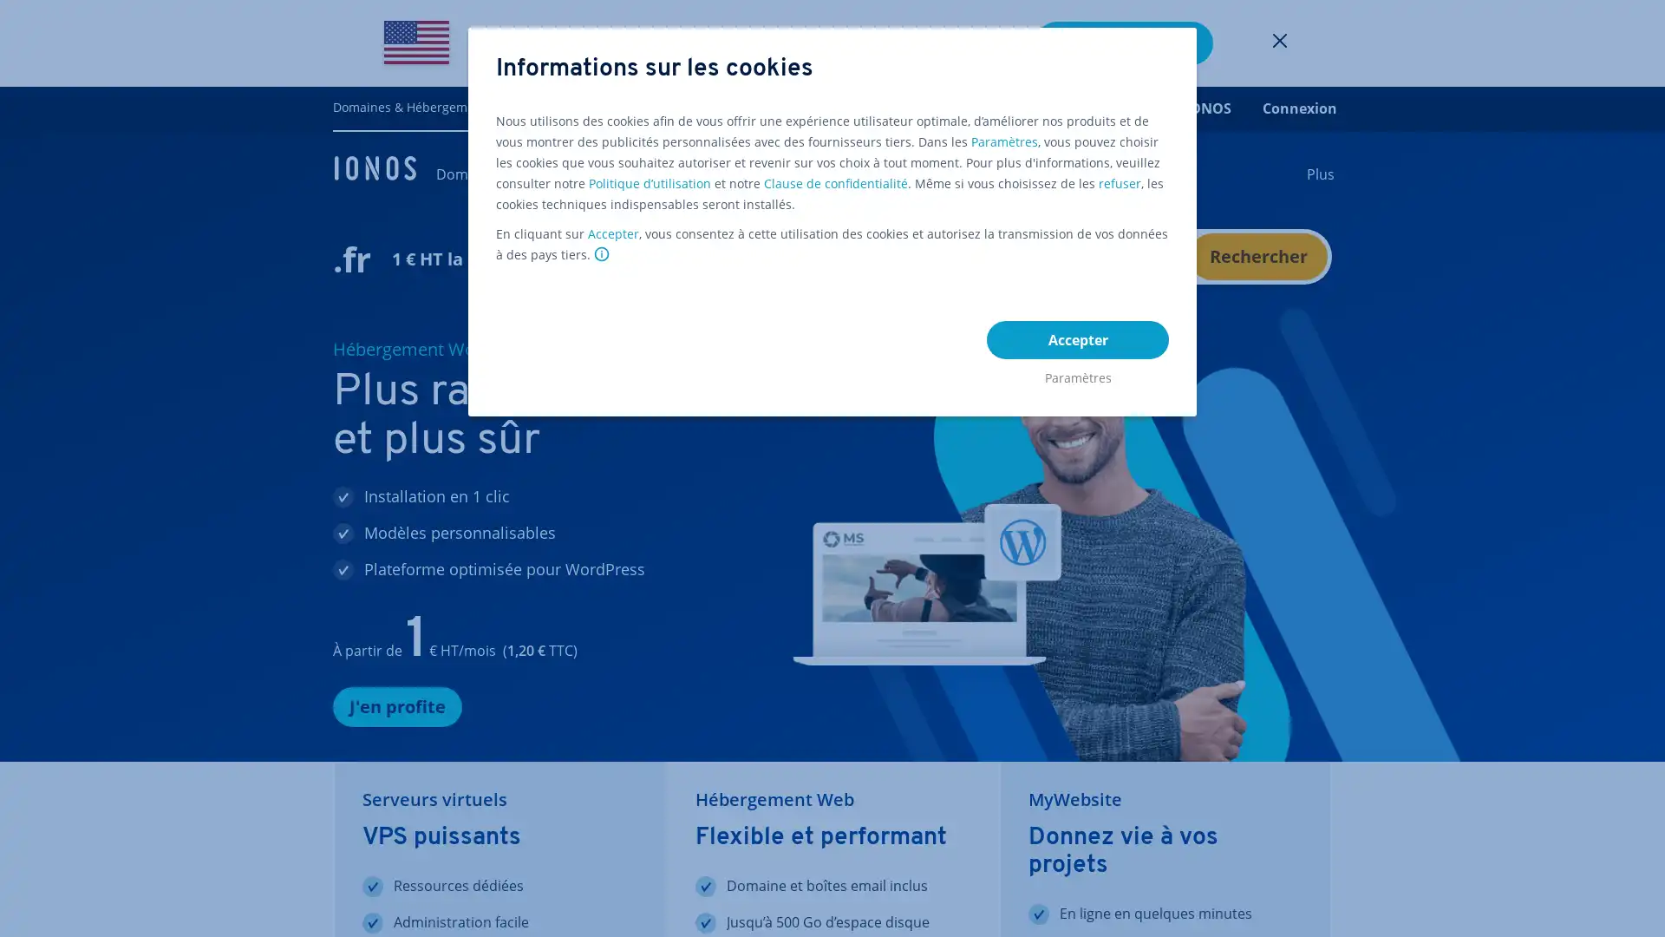 This screenshot has width=1665, height=937. What do you see at coordinates (1280, 43) in the screenshot?
I see `Close` at bounding box center [1280, 43].